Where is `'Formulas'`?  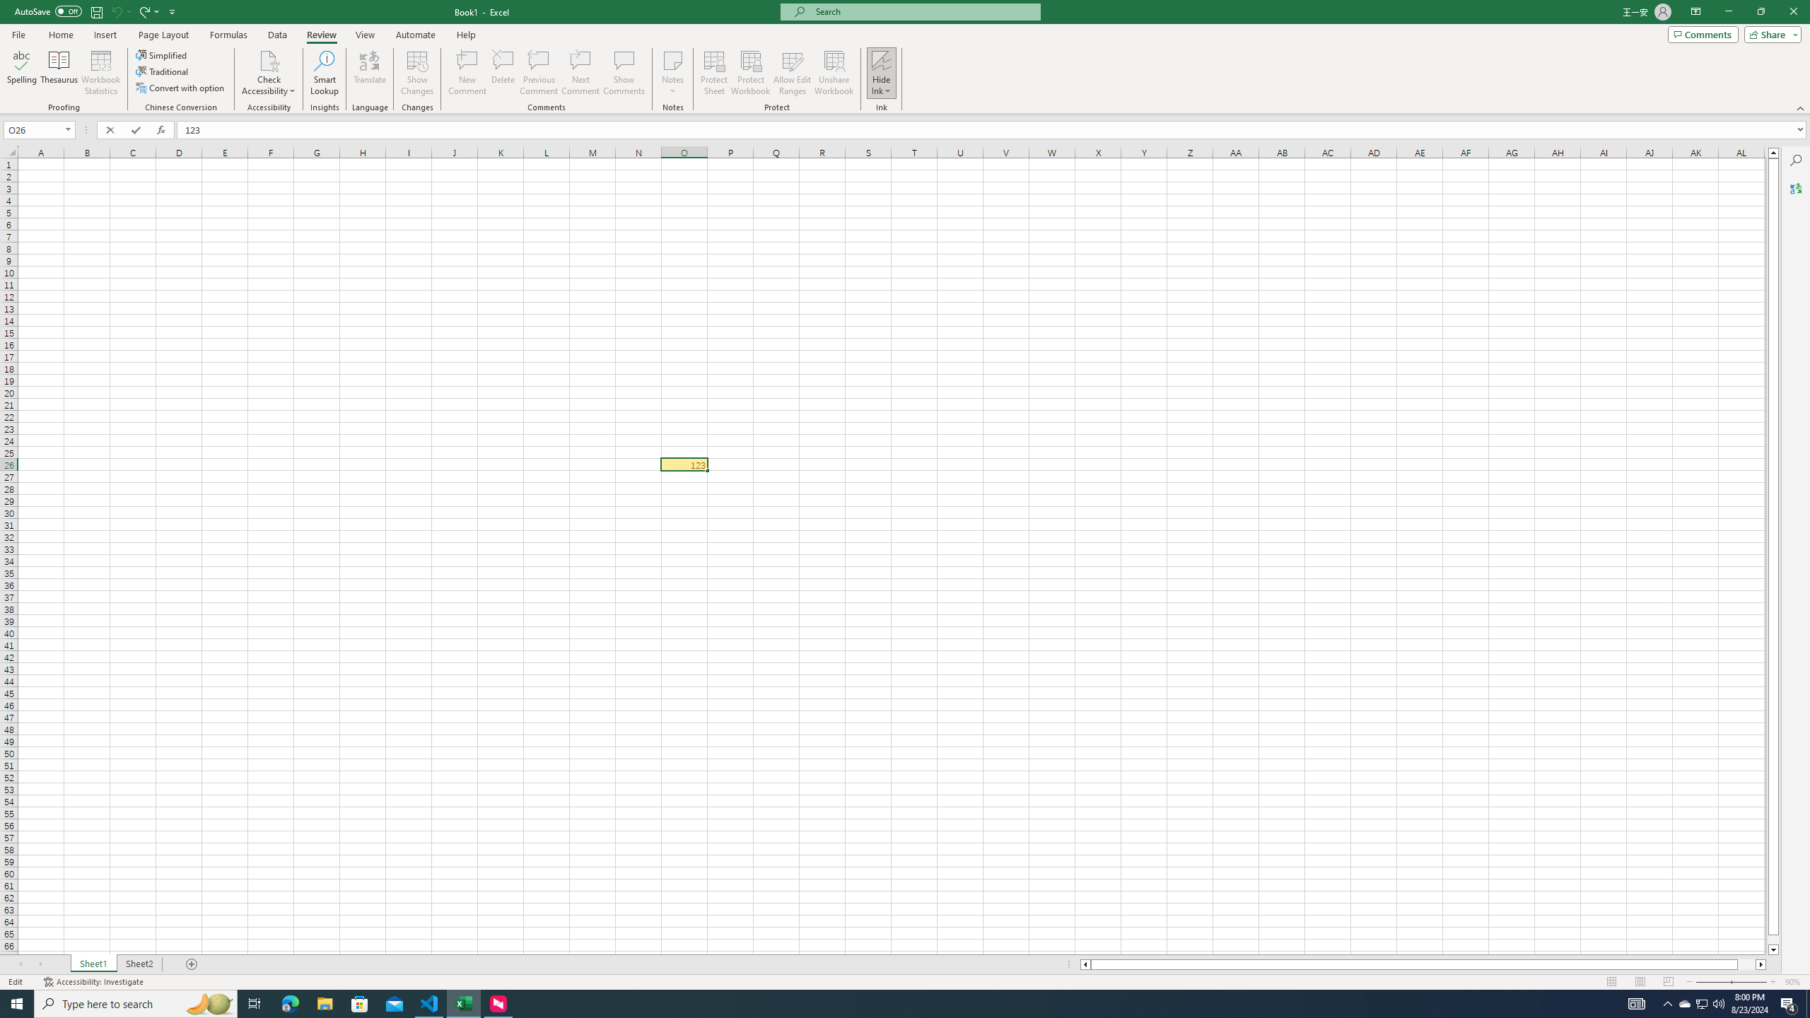
'Formulas' is located at coordinates (230, 35).